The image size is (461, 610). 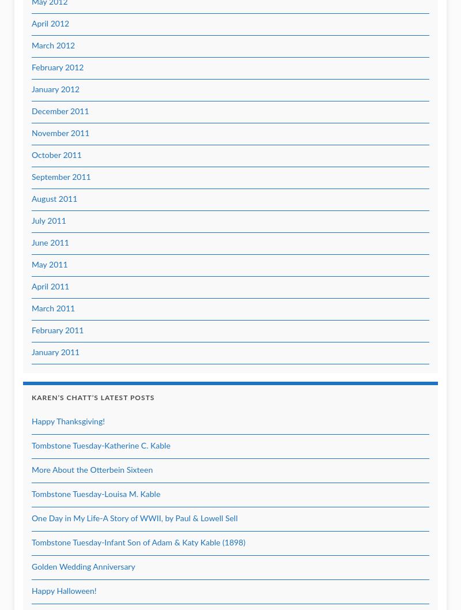 I want to click on 'Happy Halloween!', so click(x=63, y=591).